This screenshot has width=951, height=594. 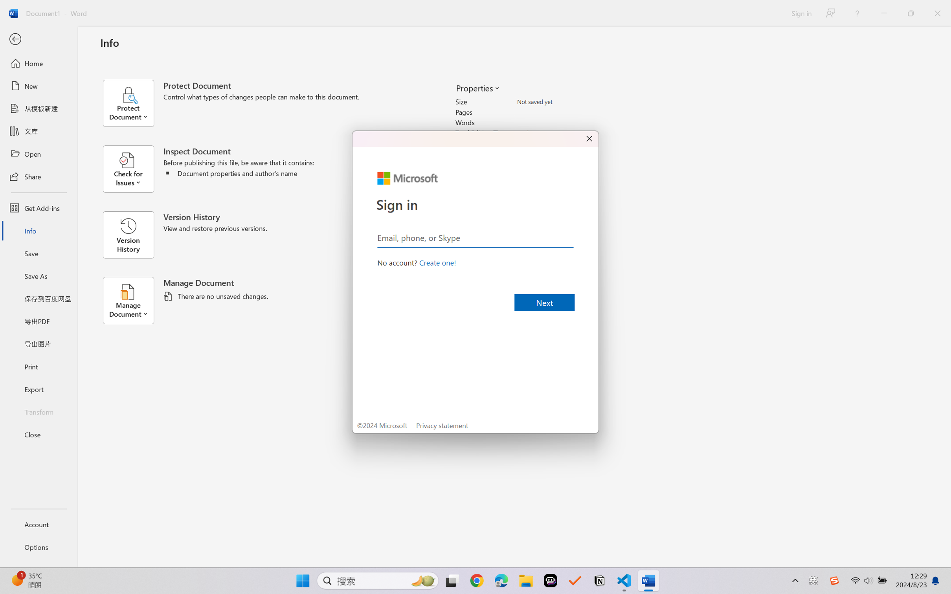 I want to click on 'Version History', so click(x=128, y=234).